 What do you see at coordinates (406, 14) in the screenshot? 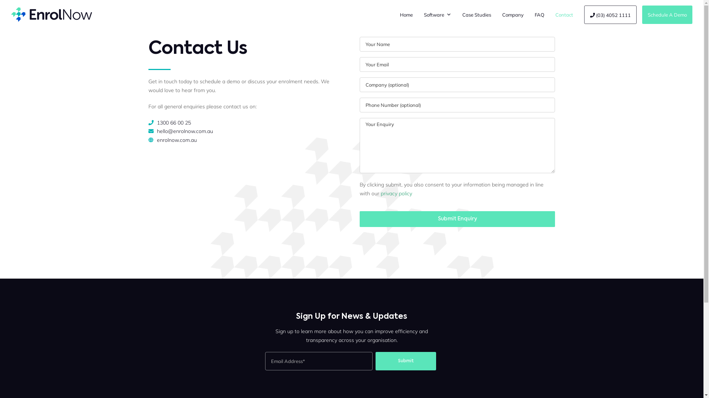
I see `'Home'` at bounding box center [406, 14].